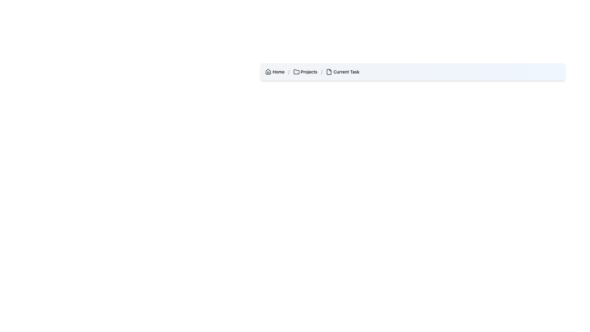 The image size is (590, 332). I want to click on the separator symbol '/' in the breadcrumb navigation bar, which is styled in gray and positioned between 'Projects' and 'Current Task', so click(321, 72).